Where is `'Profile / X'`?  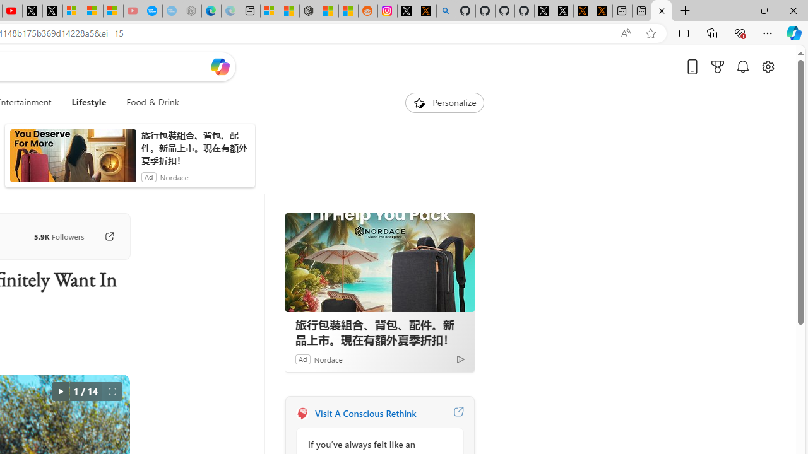 'Profile / X' is located at coordinates (524, 11).